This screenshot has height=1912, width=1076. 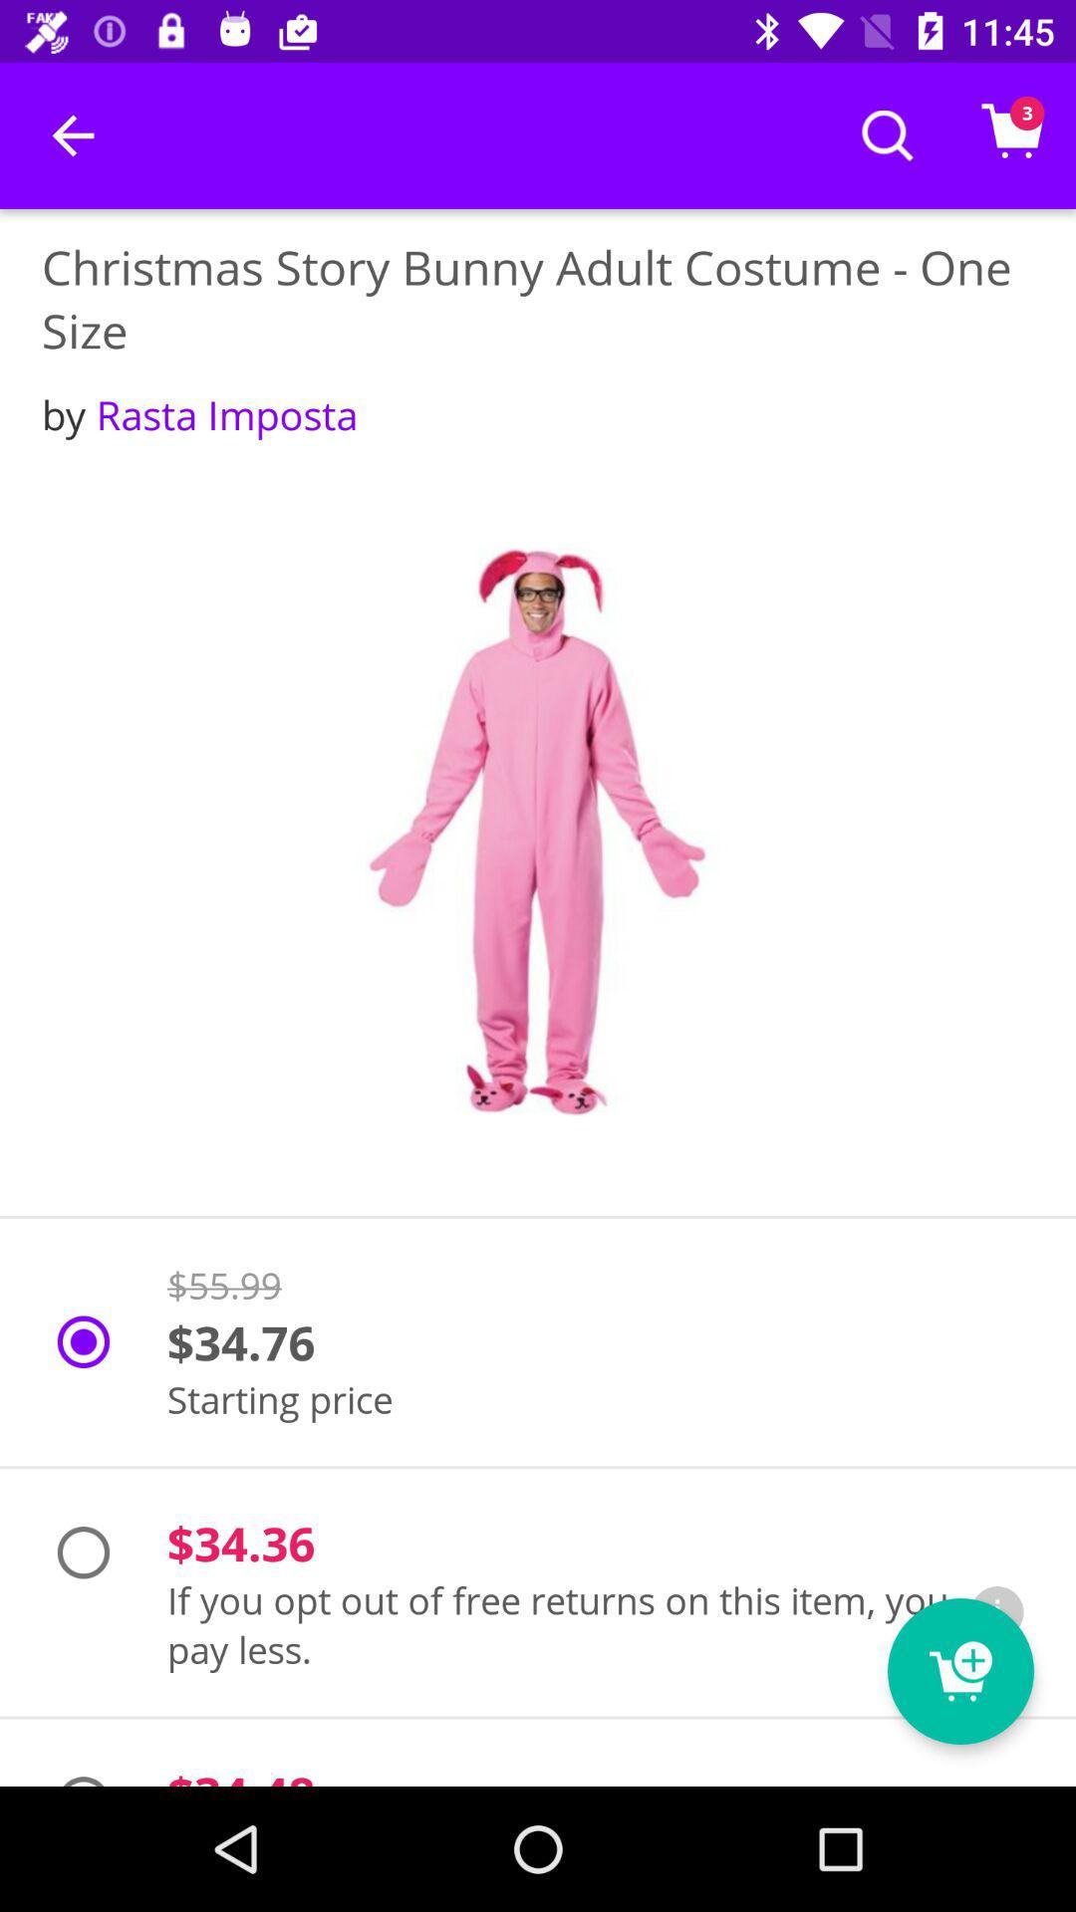 What do you see at coordinates (199, 413) in the screenshot?
I see `by rasta imposta item` at bounding box center [199, 413].